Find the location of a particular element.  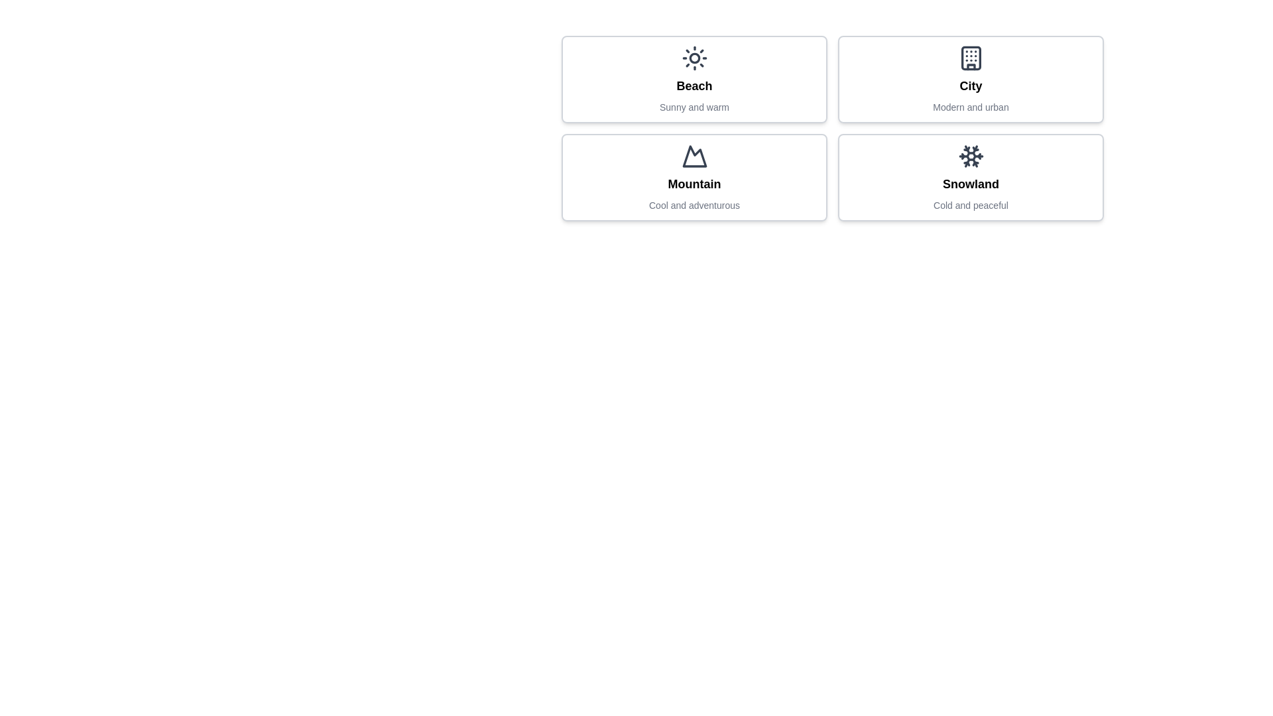

the 'City' category icon located in the top right quadrant of the grid, adjacent to 'Beach' on the left and above 'Snowland' is located at coordinates (971, 58).